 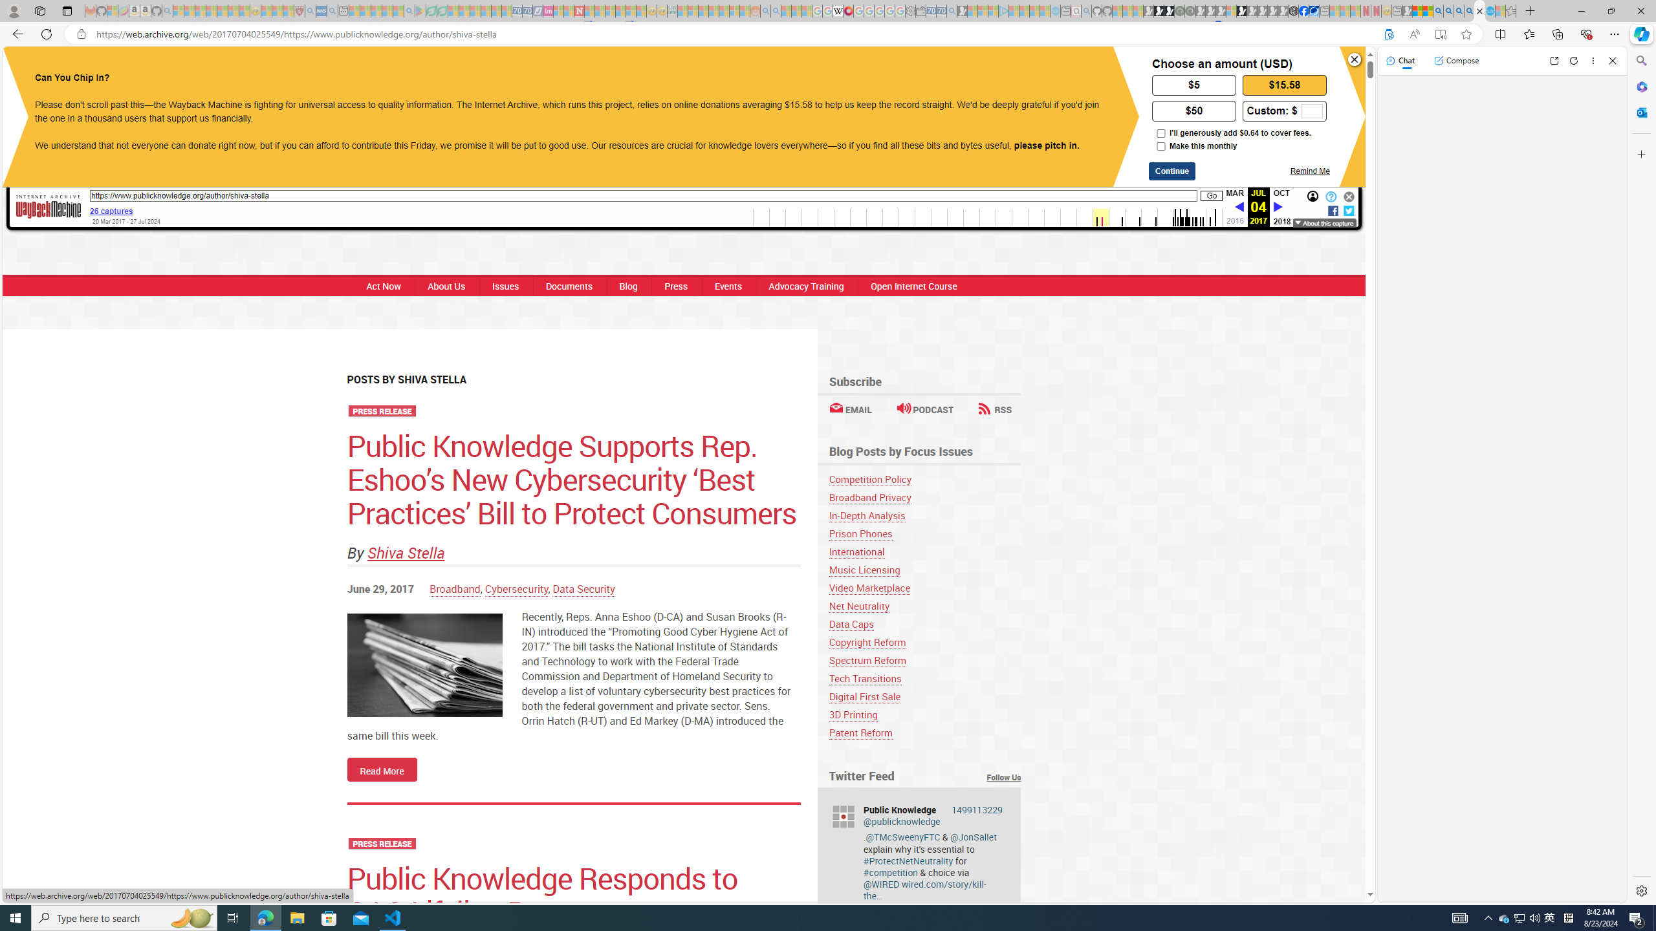 What do you see at coordinates (924, 478) in the screenshot?
I see `'Competition Policy'` at bounding box center [924, 478].